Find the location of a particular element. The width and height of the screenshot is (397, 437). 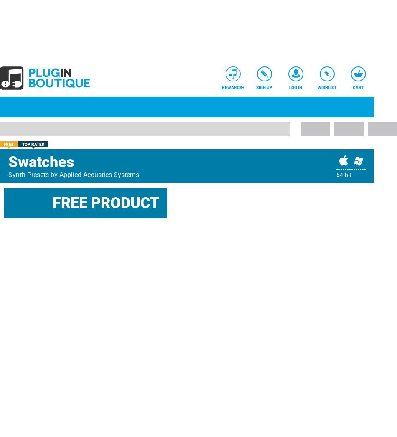

'Applied Acoustics Systems' is located at coordinates (99, 174).